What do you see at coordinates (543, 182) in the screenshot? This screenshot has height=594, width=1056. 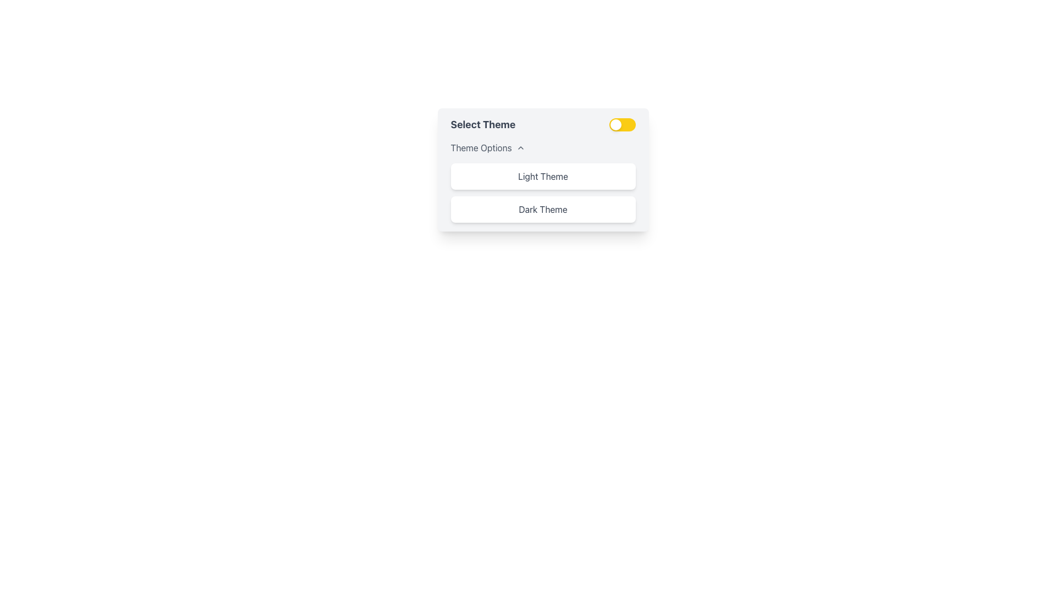 I see `the dropdown menu titled 'Select Theme'` at bounding box center [543, 182].